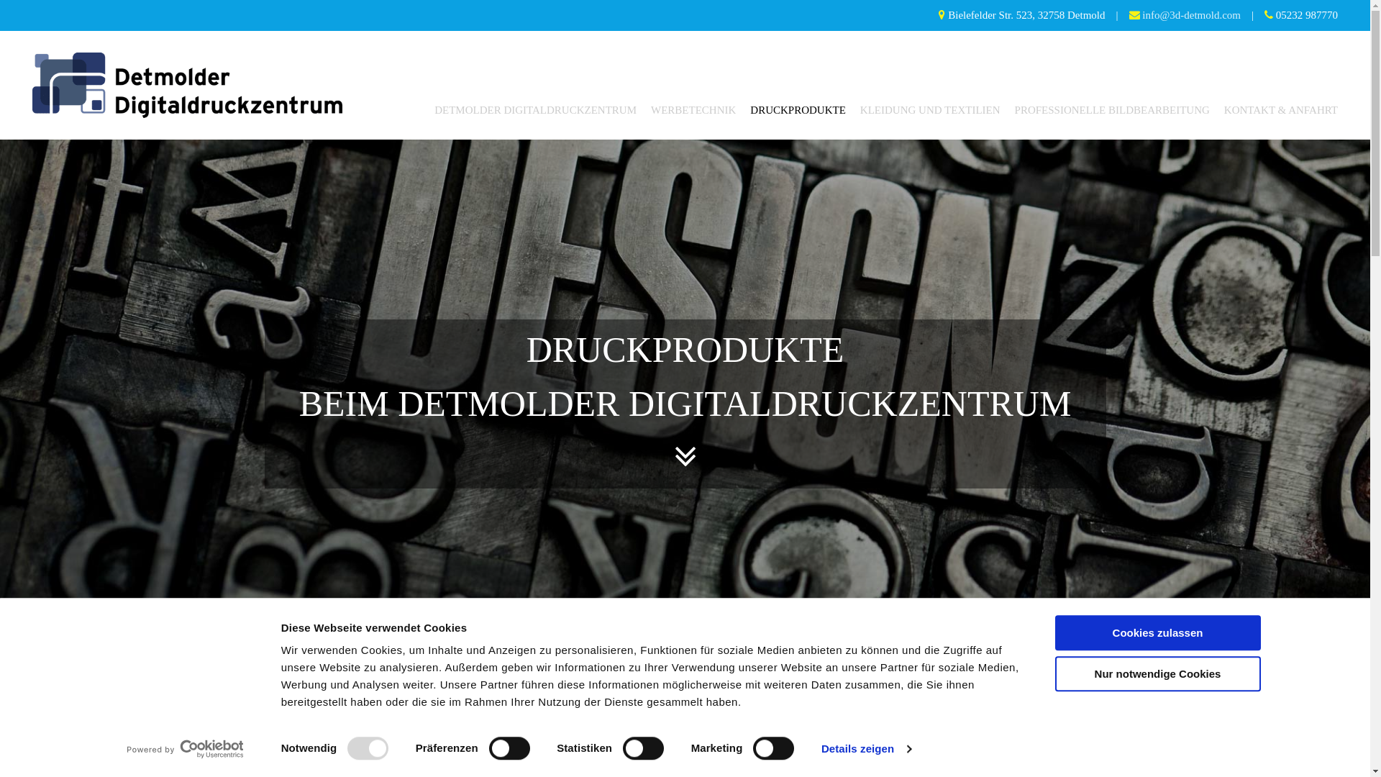 The width and height of the screenshot is (1381, 777). Describe the element at coordinates (1274, 110) in the screenshot. I see `'KONTAKT & ANFAHRT'` at that location.